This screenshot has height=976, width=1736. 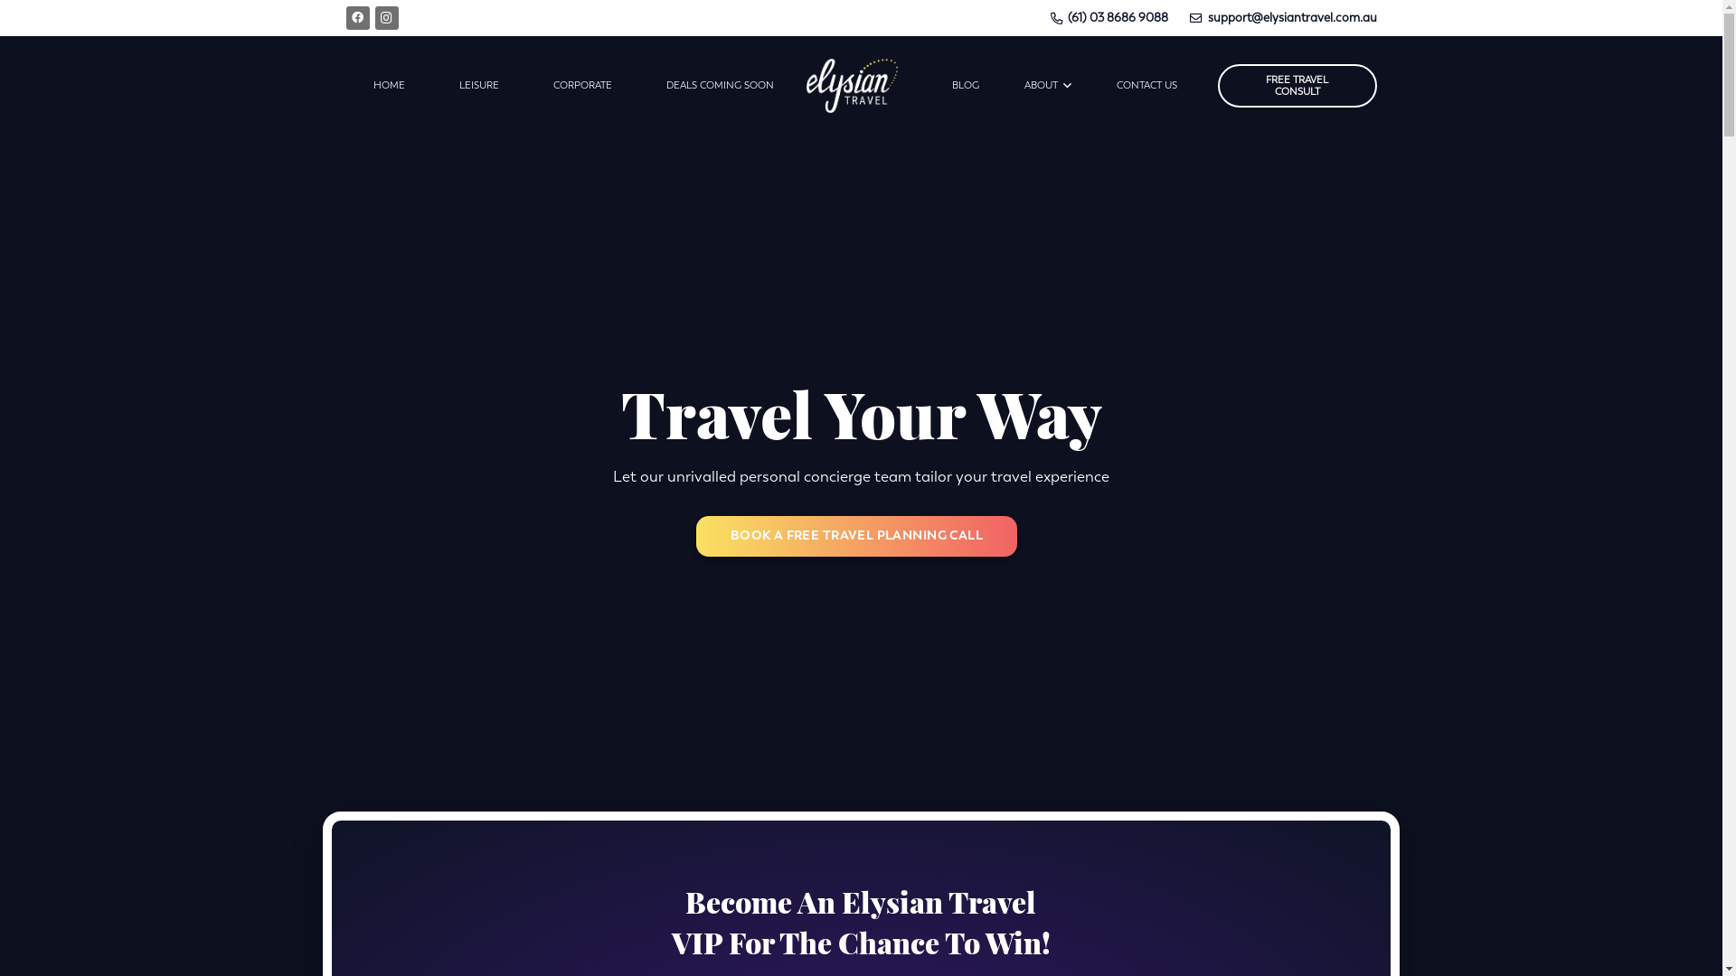 What do you see at coordinates (718, 86) in the screenshot?
I see `'DEALS COMING SOON'` at bounding box center [718, 86].